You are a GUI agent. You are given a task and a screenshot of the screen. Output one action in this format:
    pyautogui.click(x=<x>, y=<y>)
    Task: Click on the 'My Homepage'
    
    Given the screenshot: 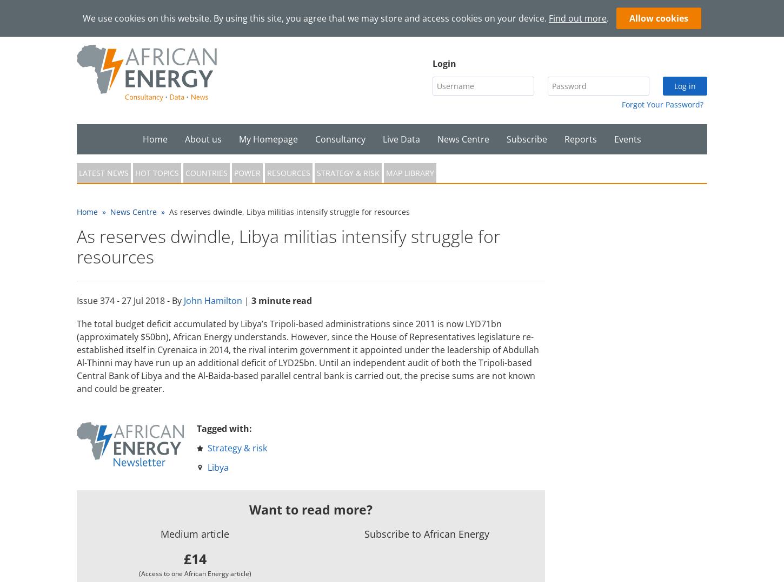 What is the action you would take?
    pyautogui.click(x=268, y=138)
    